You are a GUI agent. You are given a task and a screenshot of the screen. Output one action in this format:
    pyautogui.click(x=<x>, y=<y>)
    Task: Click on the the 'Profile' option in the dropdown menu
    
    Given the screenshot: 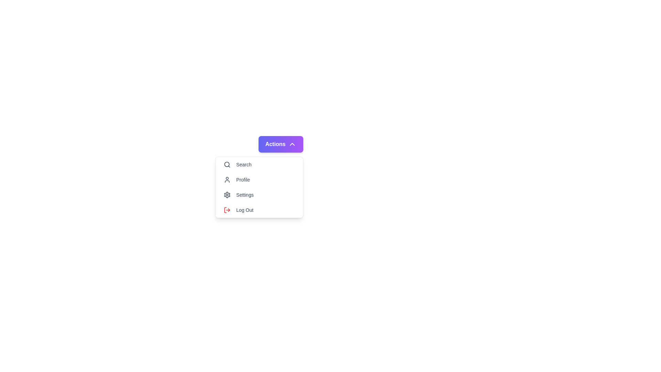 What is the action you would take?
    pyautogui.click(x=259, y=179)
    